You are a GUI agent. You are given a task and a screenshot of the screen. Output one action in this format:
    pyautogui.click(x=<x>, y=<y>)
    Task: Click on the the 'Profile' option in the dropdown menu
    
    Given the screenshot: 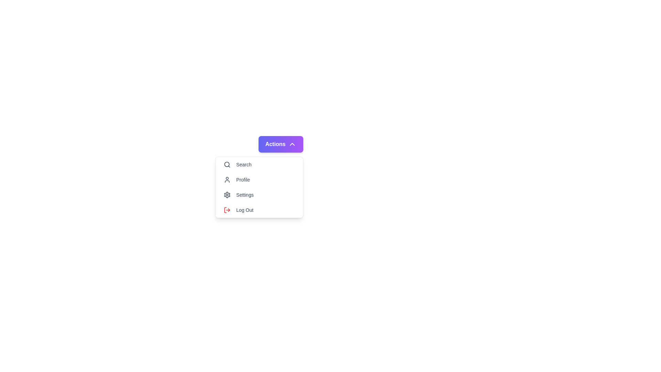 What is the action you would take?
    pyautogui.click(x=259, y=179)
    